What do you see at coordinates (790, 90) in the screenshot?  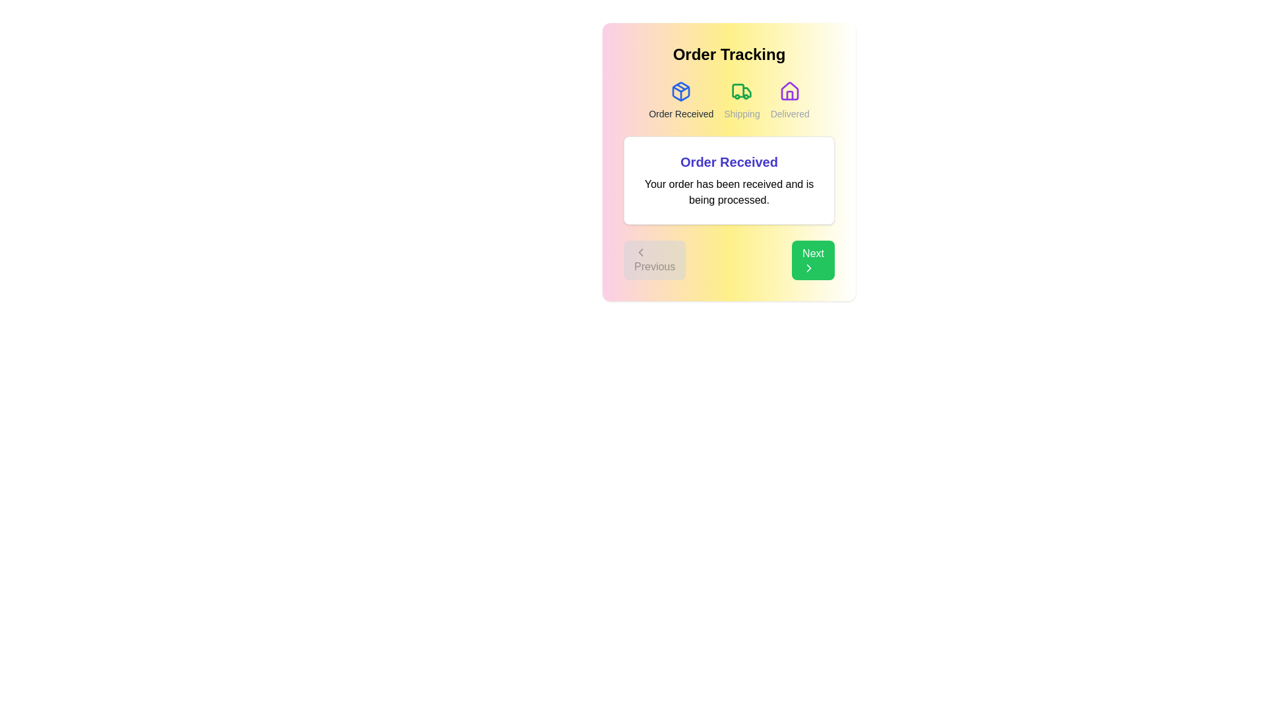 I see `the icon for the Delivered step in the order tracking process` at bounding box center [790, 90].